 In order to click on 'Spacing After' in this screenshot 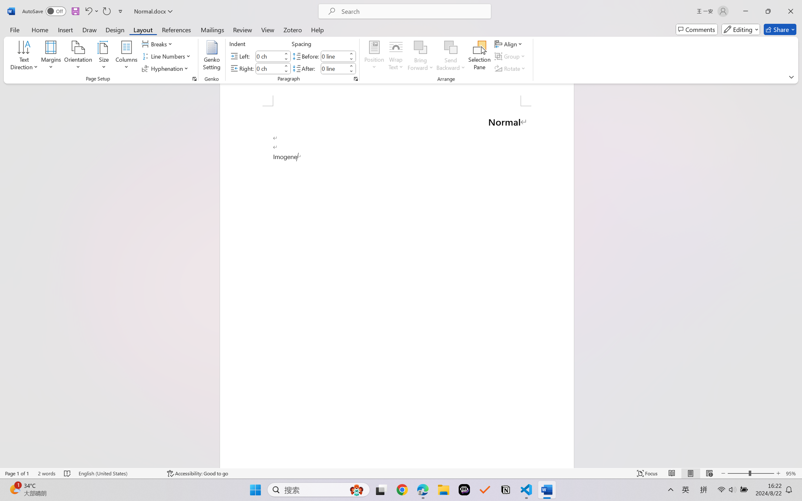, I will do `click(334, 68)`.